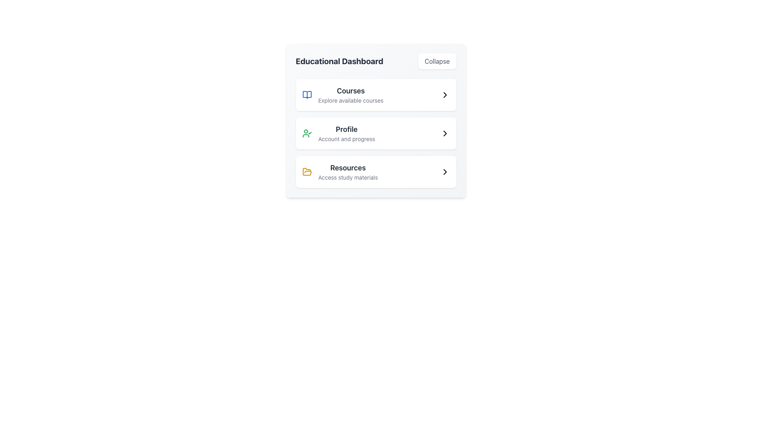  What do you see at coordinates (444, 133) in the screenshot?
I see `the right-pointing chevron icon located at the far right of the 'Profile' row in the 'Educational Dashboard'` at bounding box center [444, 133].